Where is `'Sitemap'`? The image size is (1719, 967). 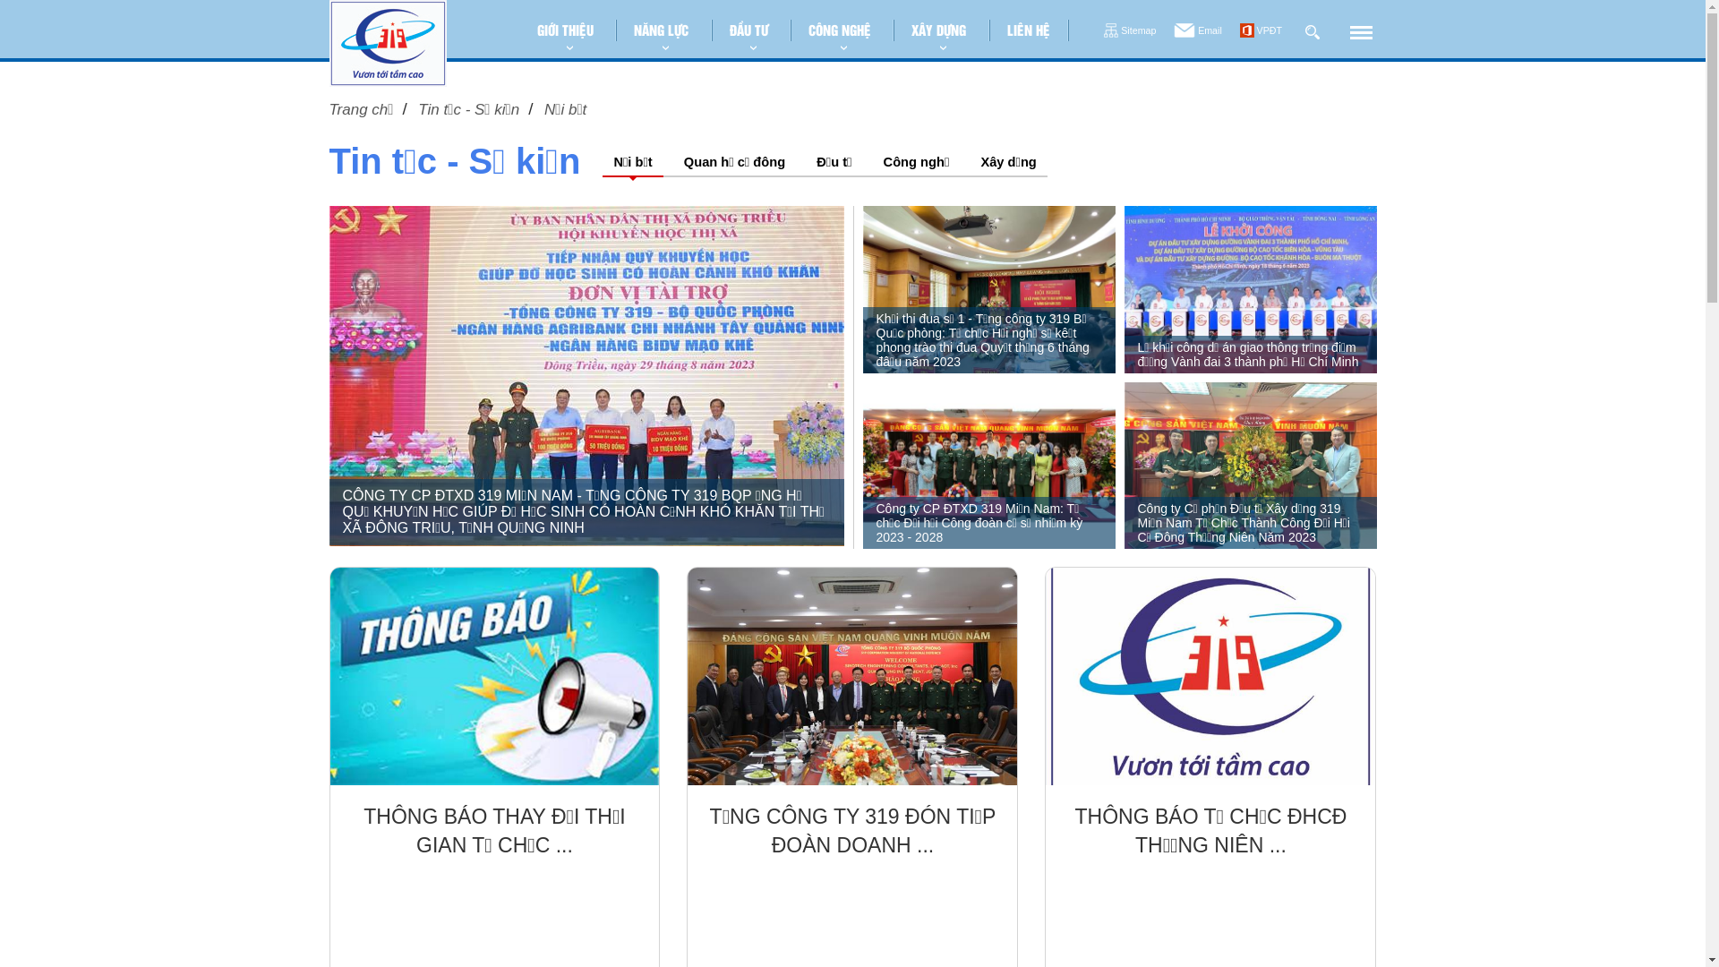 'Sitemap' is located at coordinates (1129, 31).